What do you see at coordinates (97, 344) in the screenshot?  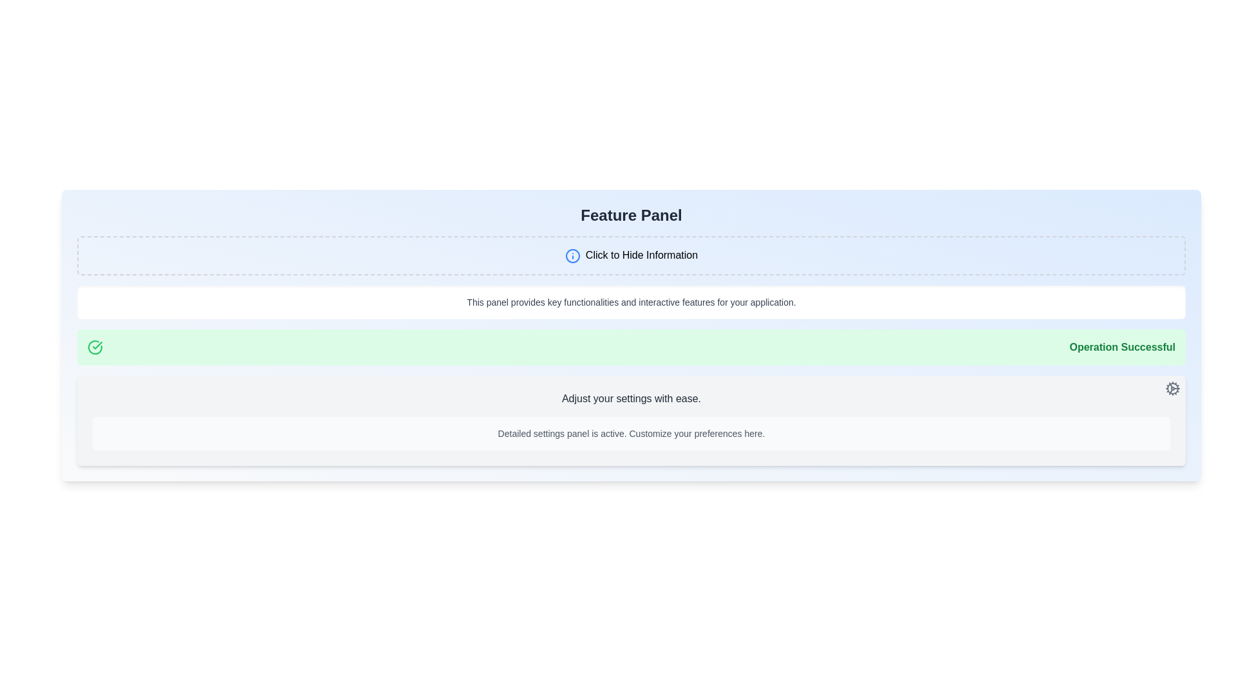 I see `the center of the SVG graphic of a checkmark within a circle, which indicates success, completion, or approval` at bounding box center [97, 344].